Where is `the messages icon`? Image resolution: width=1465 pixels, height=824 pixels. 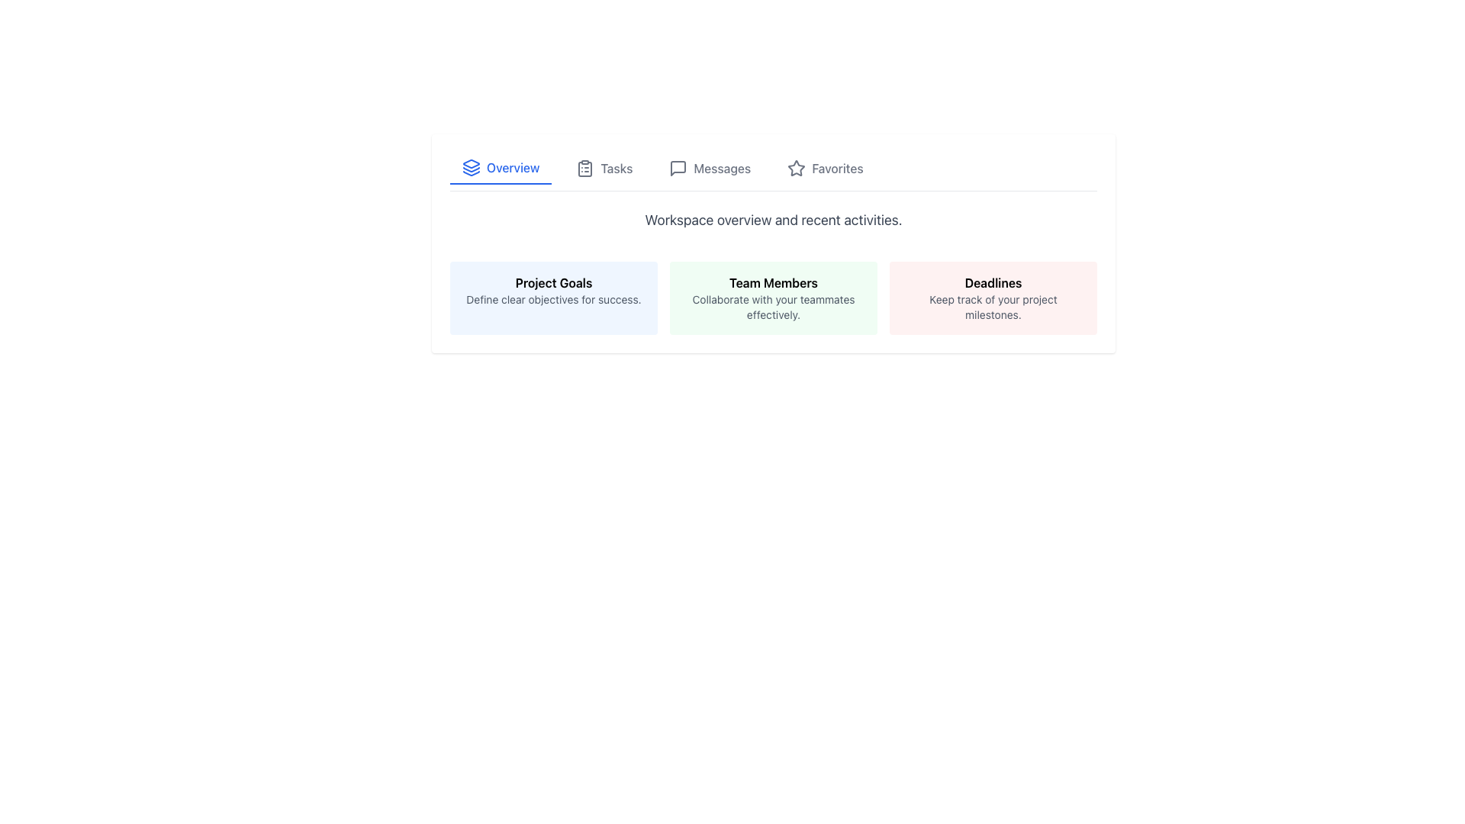
the messages icon is located at coordinates (678, 168).